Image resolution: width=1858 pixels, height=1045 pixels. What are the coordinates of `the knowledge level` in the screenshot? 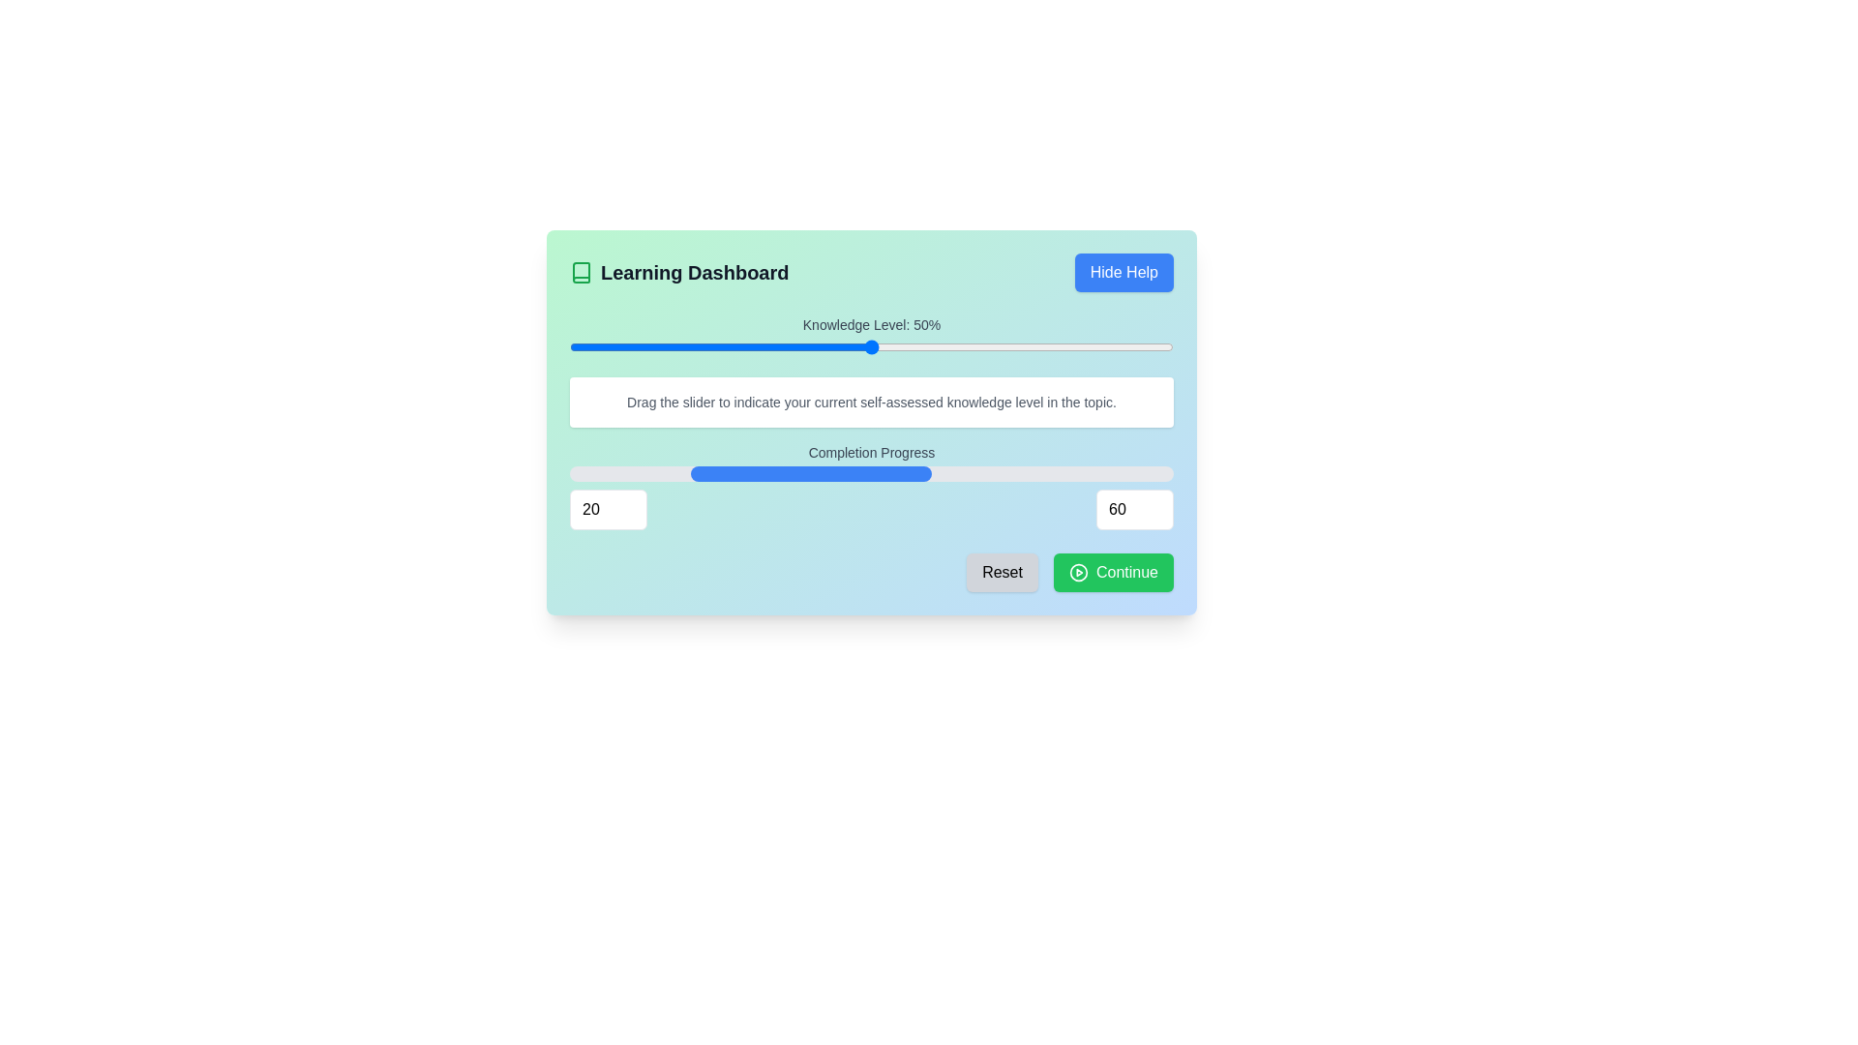 It's located at (702, 345).